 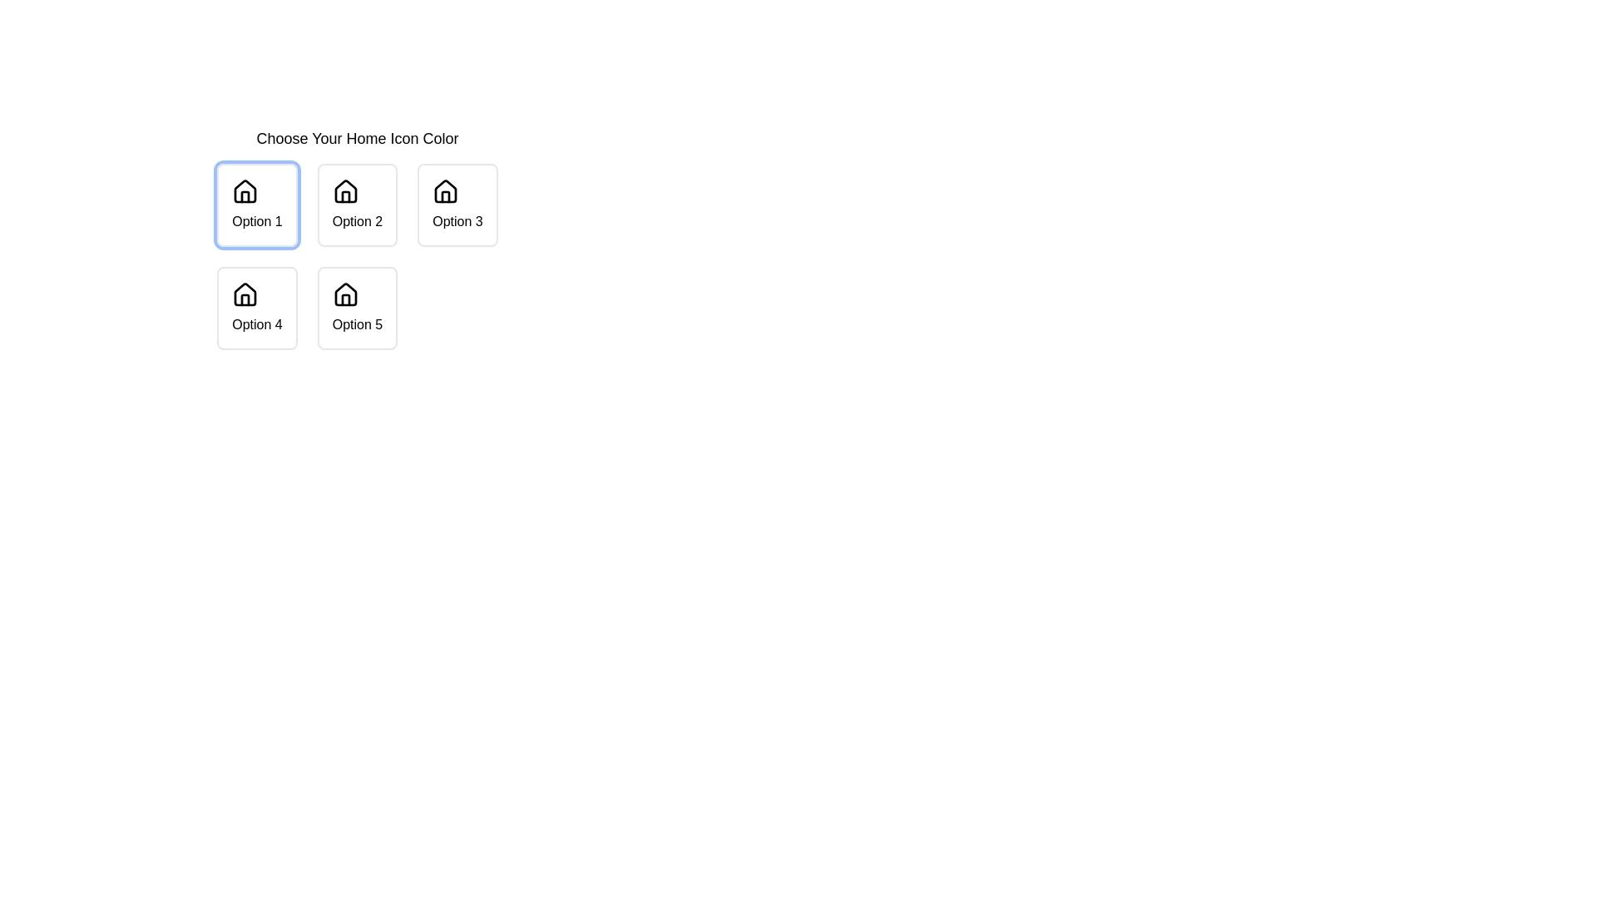 What do you see at coordinates (357, 220) in the screenshot?
I see `the text label displaying 'Option 2', which is styled with centered alignment and positioned below a house icon in a grid selection interface` at bounding box center [357, 220].